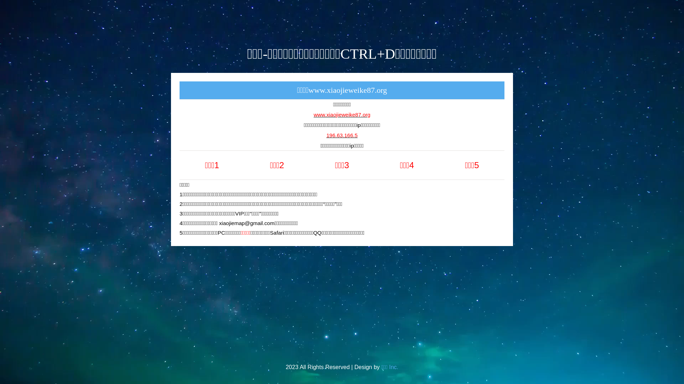 Image resolution: width=684 pixels, height=384 pixels. What do you see at coordinates (342, 118) in the screenshot?
I see `'www.xiaojieweike87.org'` at bounding box center [342, 118].